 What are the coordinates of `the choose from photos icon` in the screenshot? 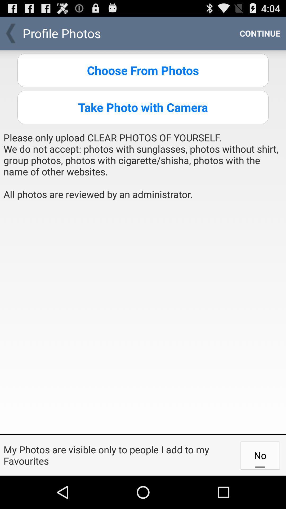 It's located at (143, 70).